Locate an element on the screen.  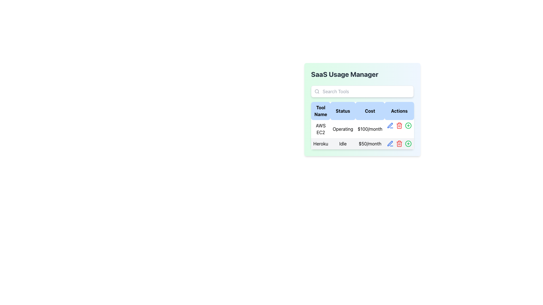
the text display element that indicates the cost of the 'Heroku' service, which is positioned between the 'Idle' status and the 'Actions' column in the table is located at coordinates (370, 143).